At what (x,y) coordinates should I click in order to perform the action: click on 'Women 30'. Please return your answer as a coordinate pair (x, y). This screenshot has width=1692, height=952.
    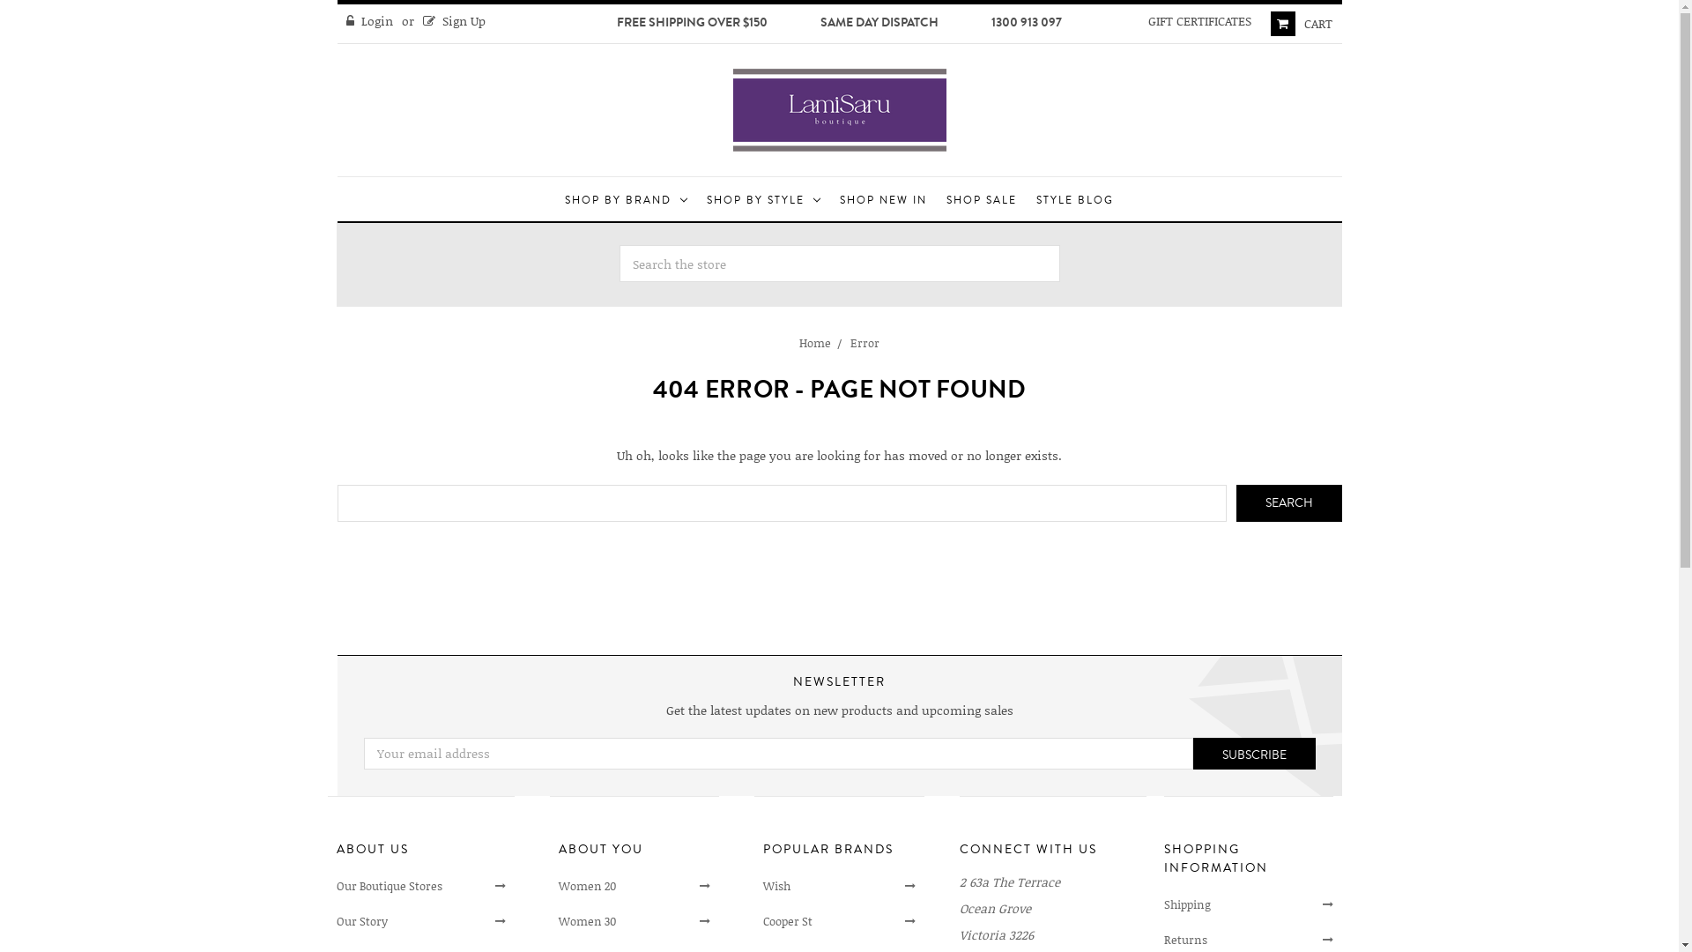
    Looking at the image, I should click on (557, 920).